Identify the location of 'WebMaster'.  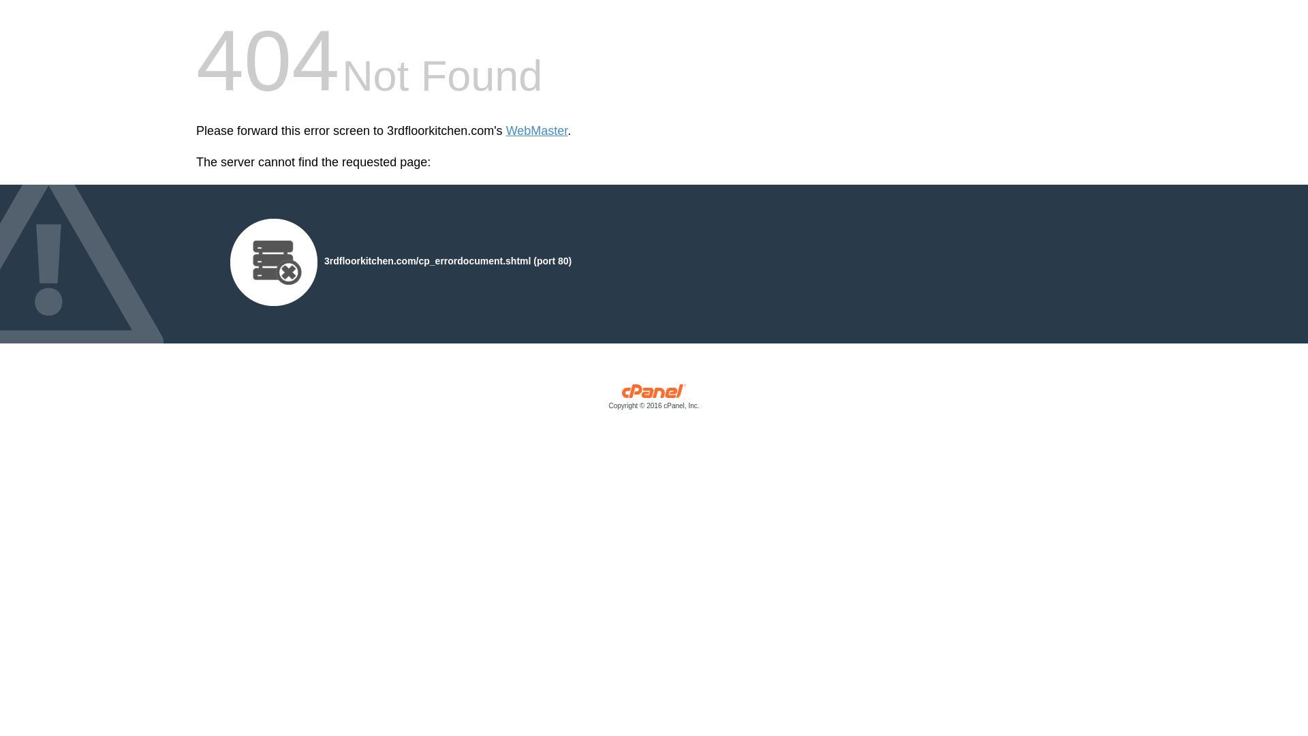
(536, 131).